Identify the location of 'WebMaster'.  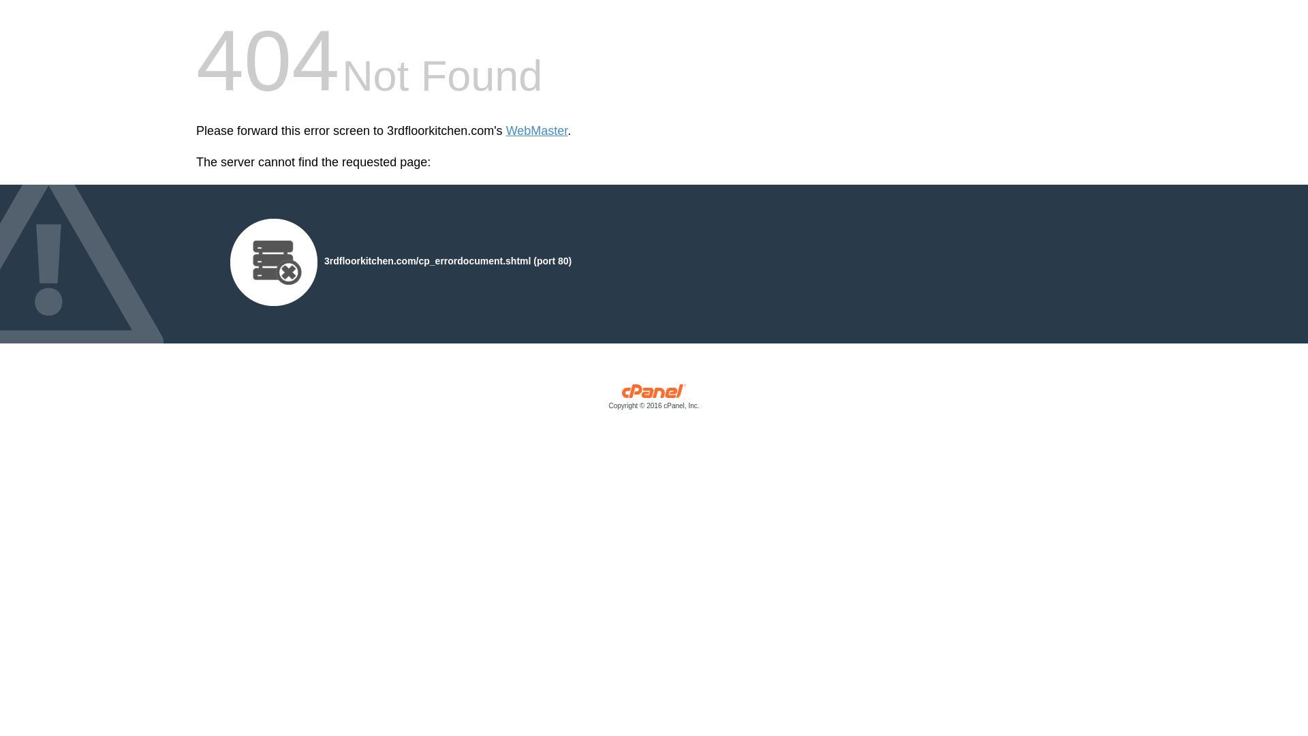
(536, 131).